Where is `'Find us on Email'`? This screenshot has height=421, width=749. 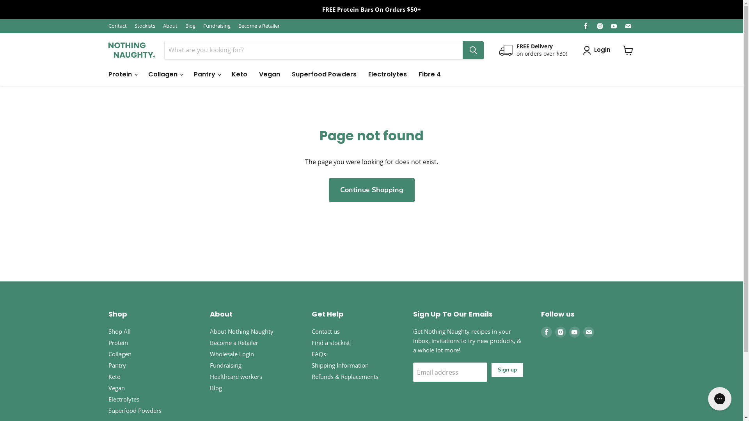 'Find us on Email' is located at coordinates (628, 25).